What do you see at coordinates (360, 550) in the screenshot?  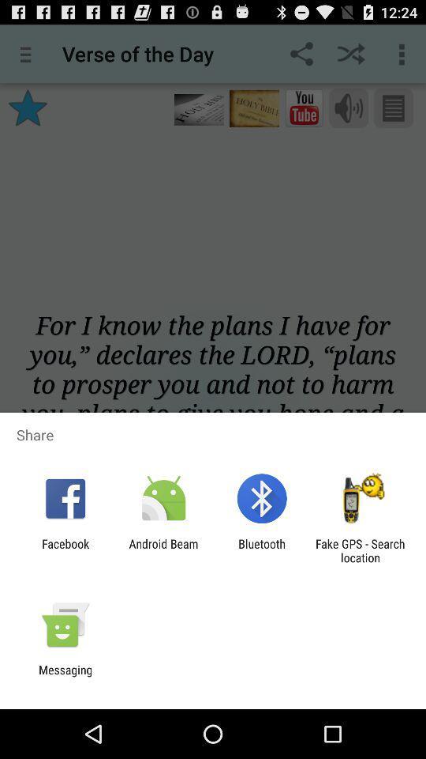 I see `fake gps search at the bottom right corner` at bounding box center [360, 550].